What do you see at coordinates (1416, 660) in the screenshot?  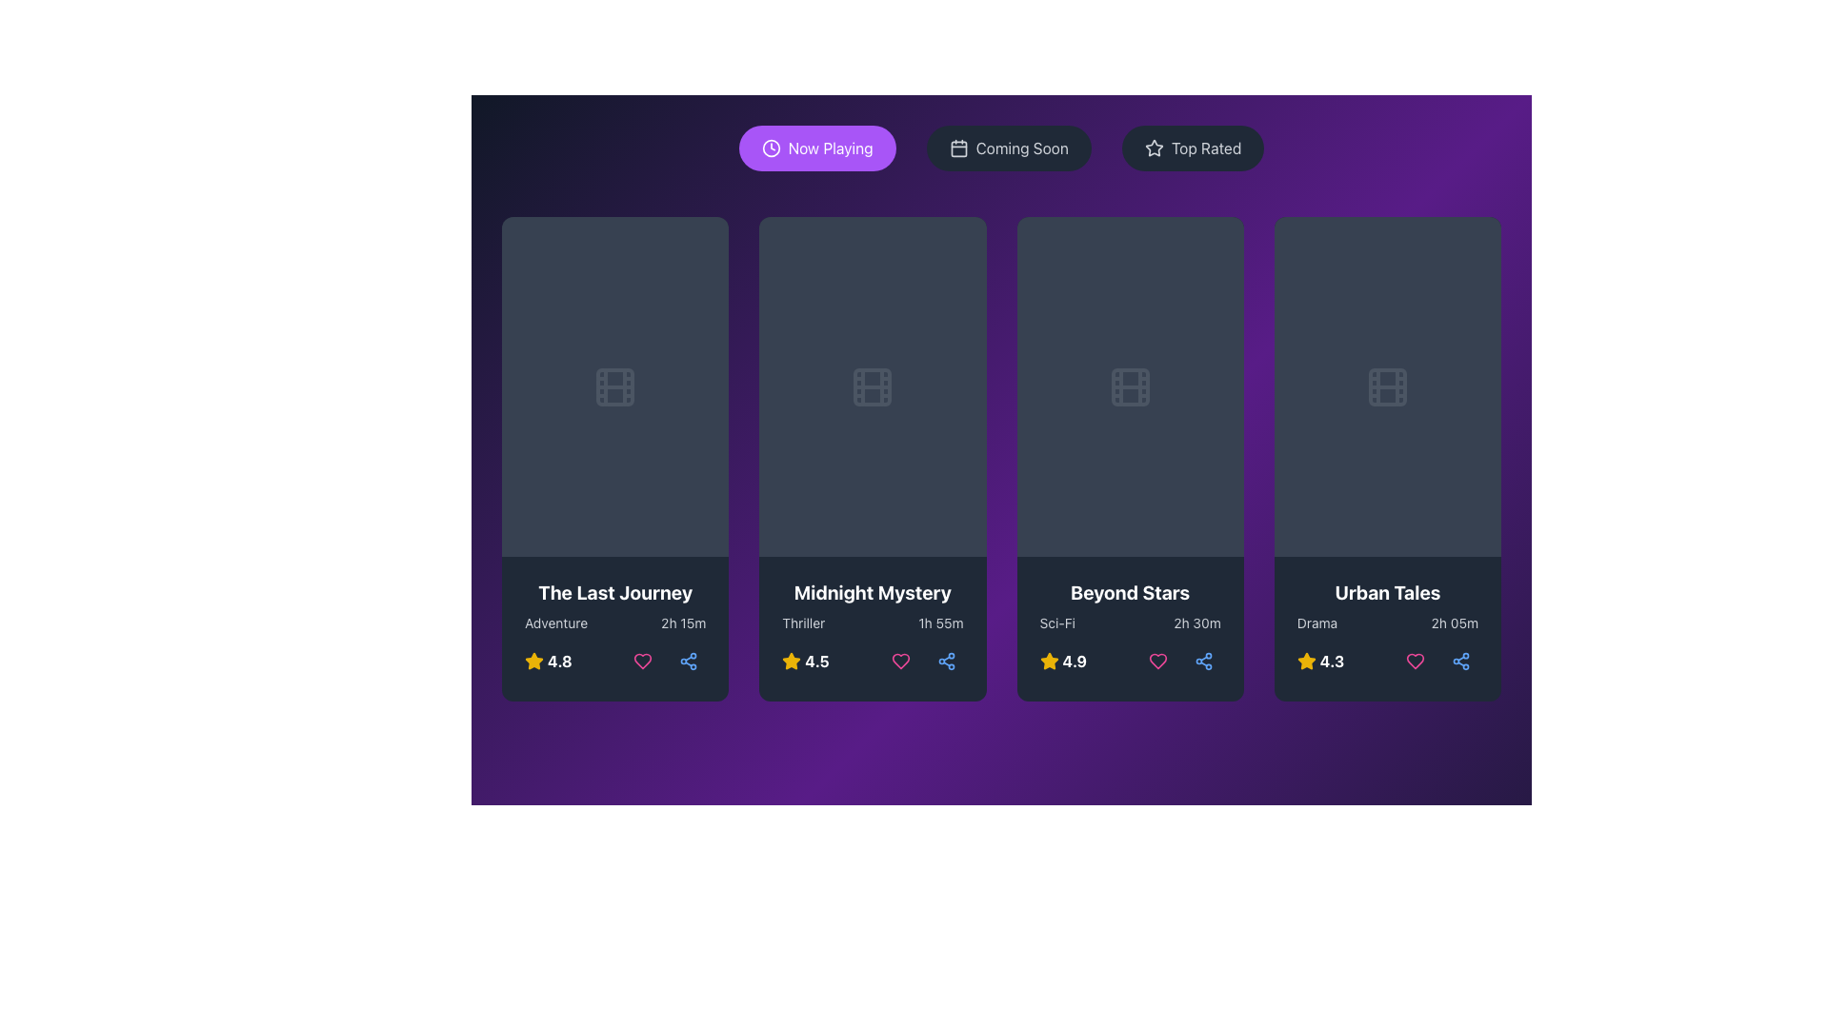 I see `the Heart icon located in the bottom section of the fourth movie card titled 'Urban Tales'` at bounding box center [1416, 660].